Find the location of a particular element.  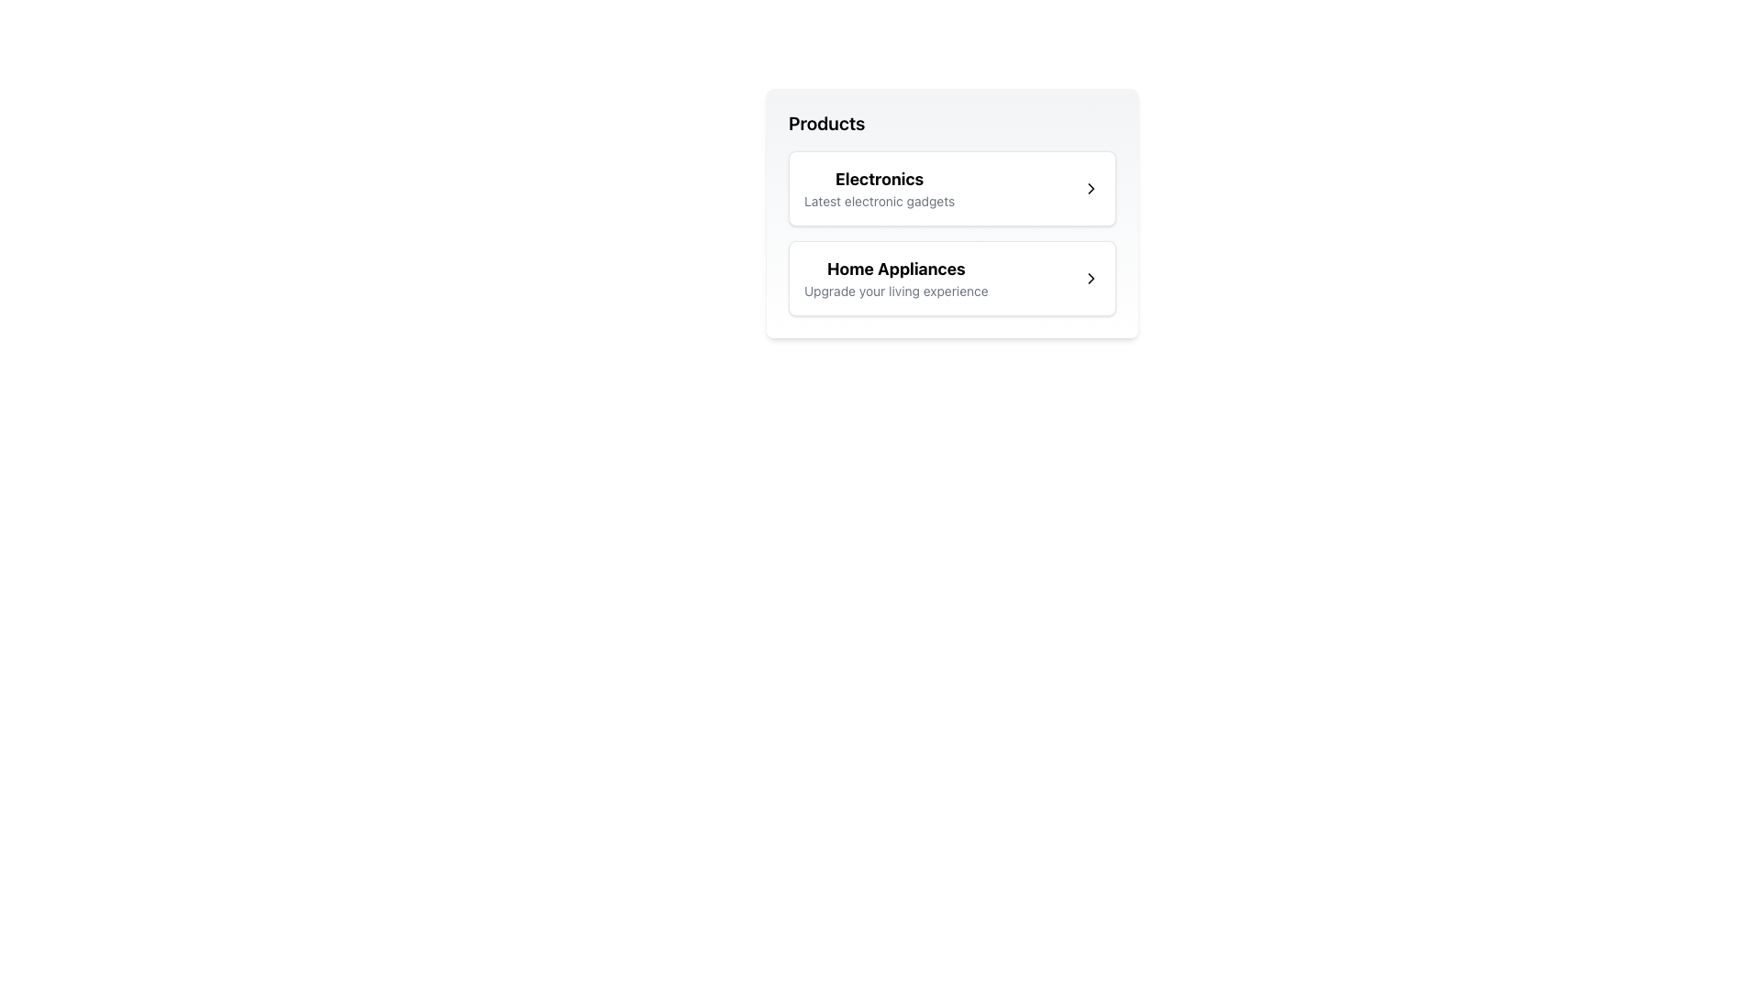

the navigation icon located in the 'Electronics' section is located at coordinates (1091, 188).